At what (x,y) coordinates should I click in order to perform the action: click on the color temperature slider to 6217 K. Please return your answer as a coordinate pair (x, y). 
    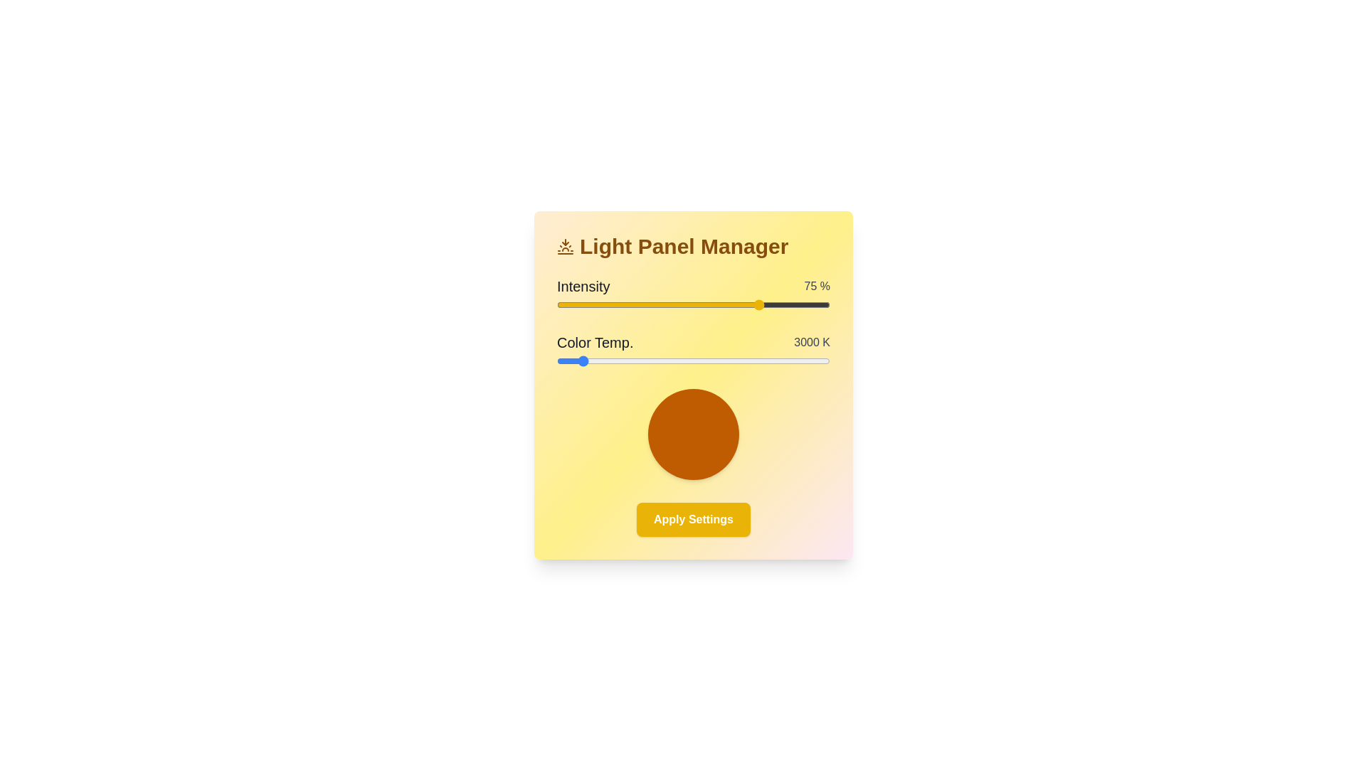
    Looking at the image, I should click on (810, 361).